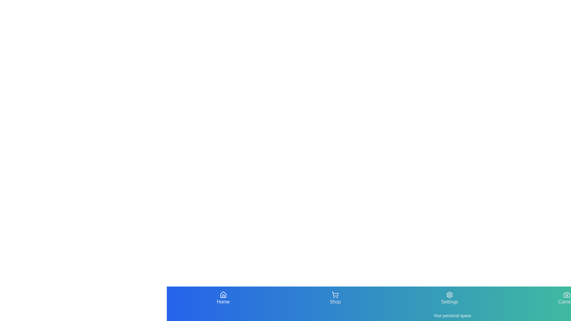 The image size is (571, 321). Describe the element at coordinates (223, 298) in the screenshot. I see `the tab labeled 'Home' to preview its hover effect` at that location.